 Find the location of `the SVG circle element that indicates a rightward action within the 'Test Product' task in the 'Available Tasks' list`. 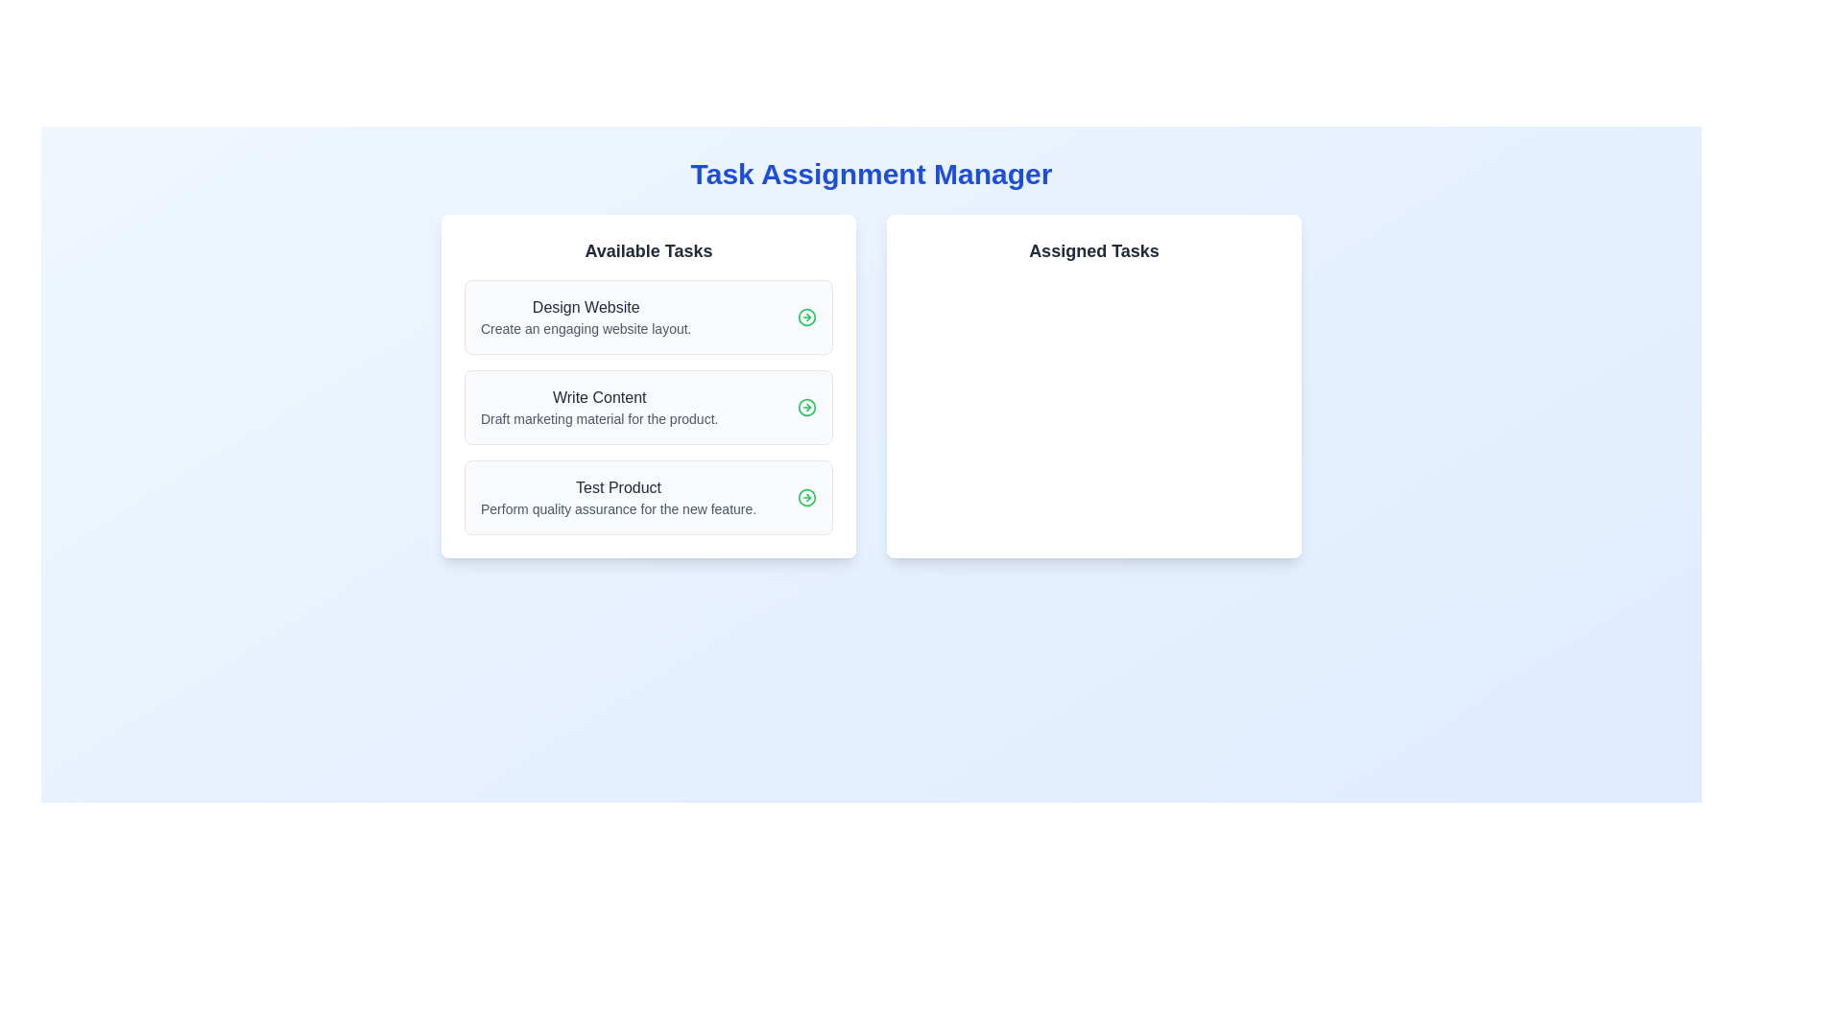

the SVG circle element that indicates a rightward action within the 'Test Product' task in the 'Available Tasks' list is located at coordinates (806, 495).